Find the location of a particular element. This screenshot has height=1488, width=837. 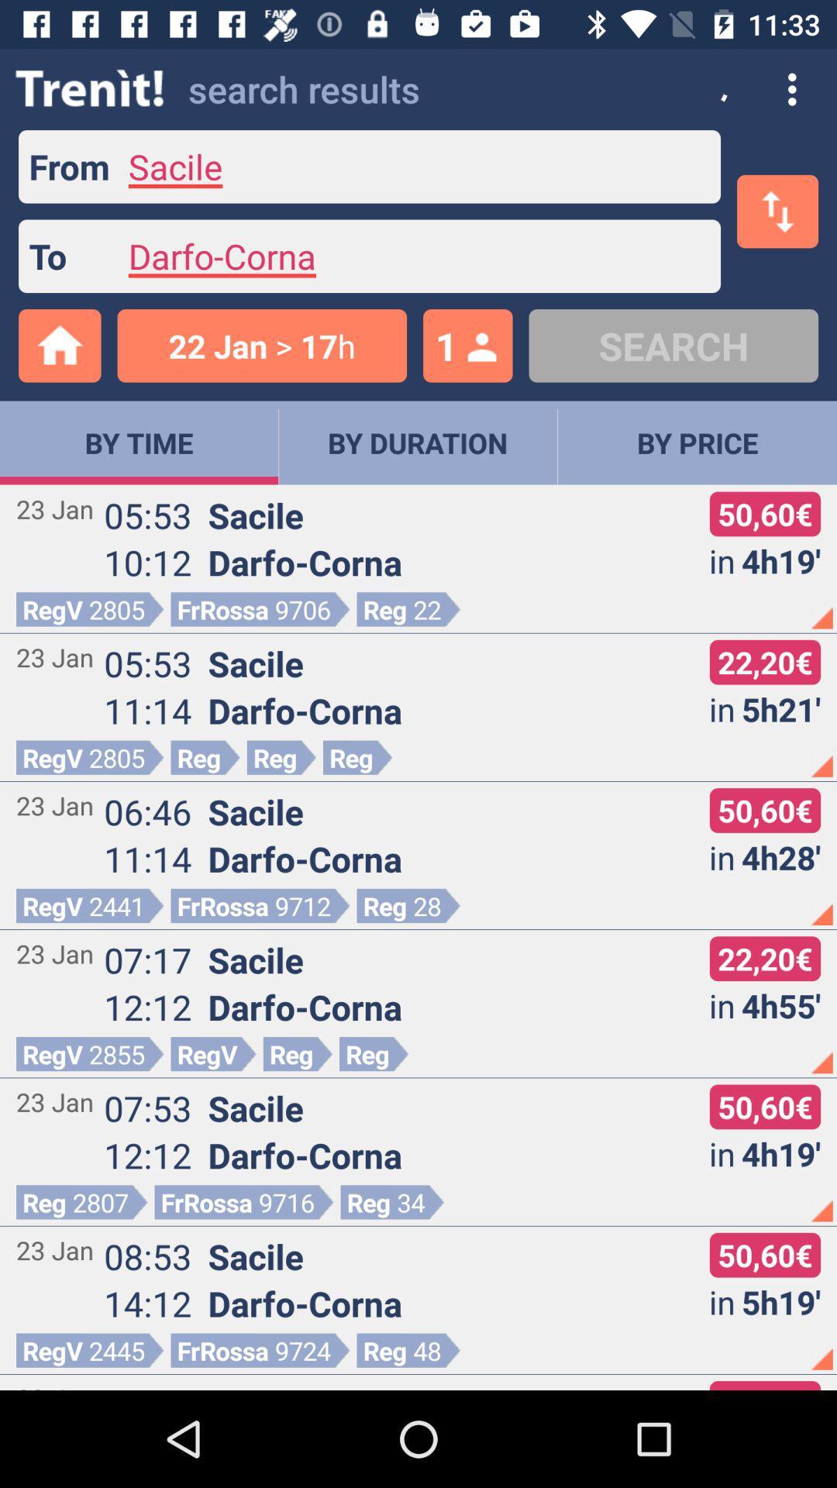

the swap icon is located at coordinates (777, 211).